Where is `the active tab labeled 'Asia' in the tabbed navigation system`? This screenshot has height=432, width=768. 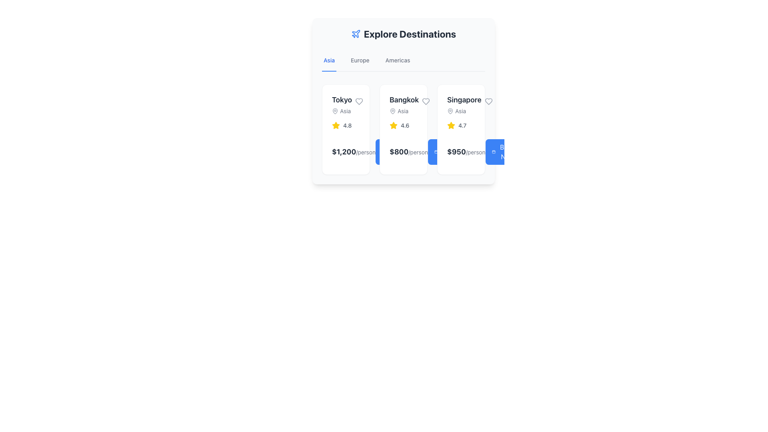 the active tab labeled 'Asia' in the tabbed navigation system is located at coordinates (329, 60).